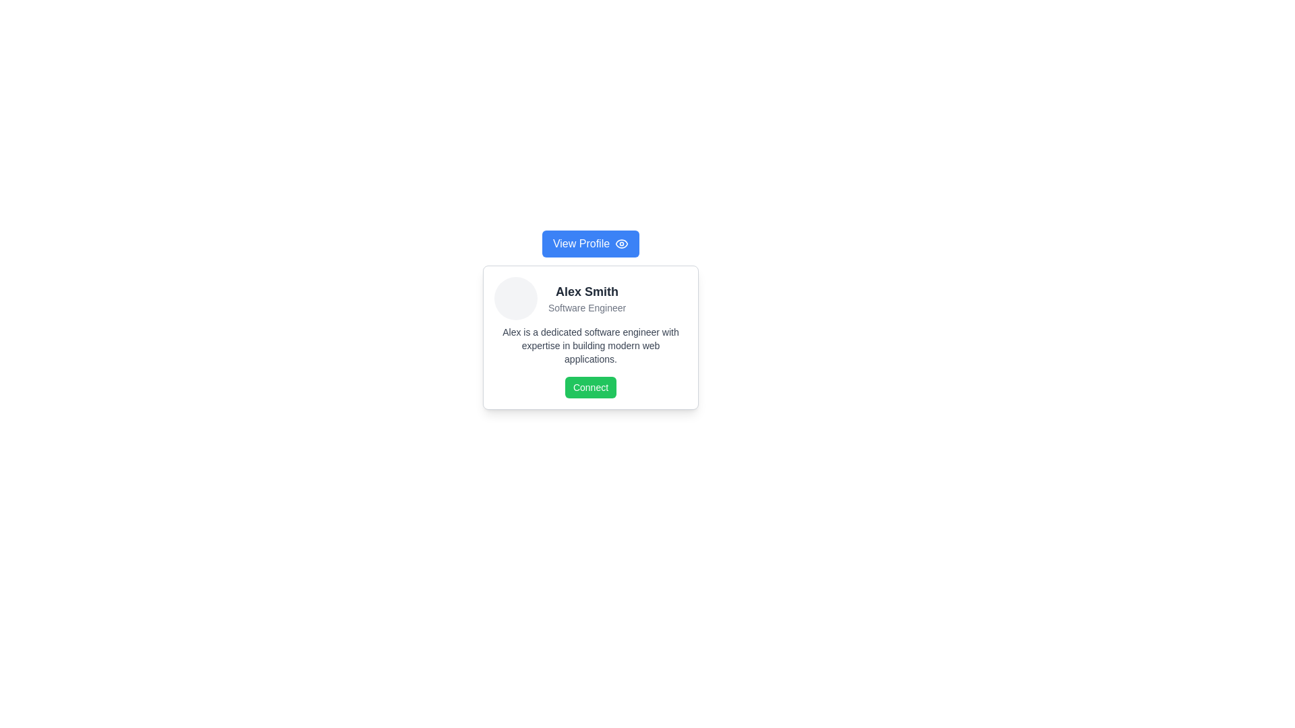  I want to click on the Text block that provides descriptive information about the individual's professional qualifications and expertise, located below the heading with 'Alex Smith' and above the 'Connect' button, so click(590, 345).